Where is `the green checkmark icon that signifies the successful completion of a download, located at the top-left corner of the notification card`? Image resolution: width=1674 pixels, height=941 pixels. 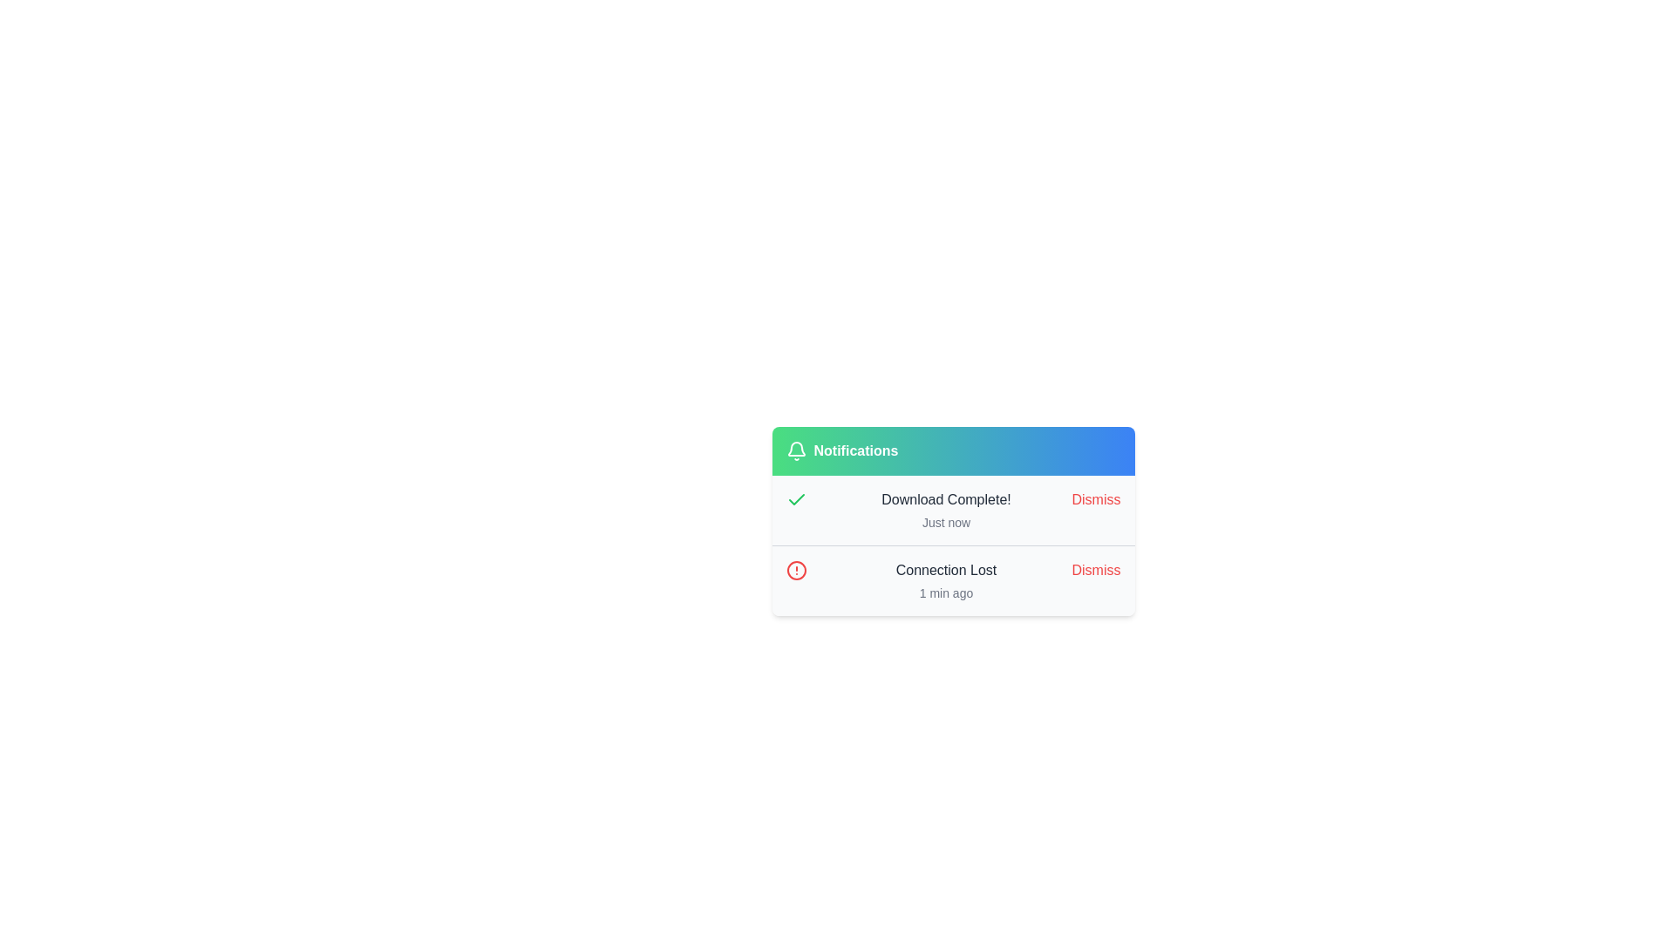
the green checkmark icon that signifies the successful completion of a download, located at the top-left corner of the notification card is located at coordinates (795, 499).